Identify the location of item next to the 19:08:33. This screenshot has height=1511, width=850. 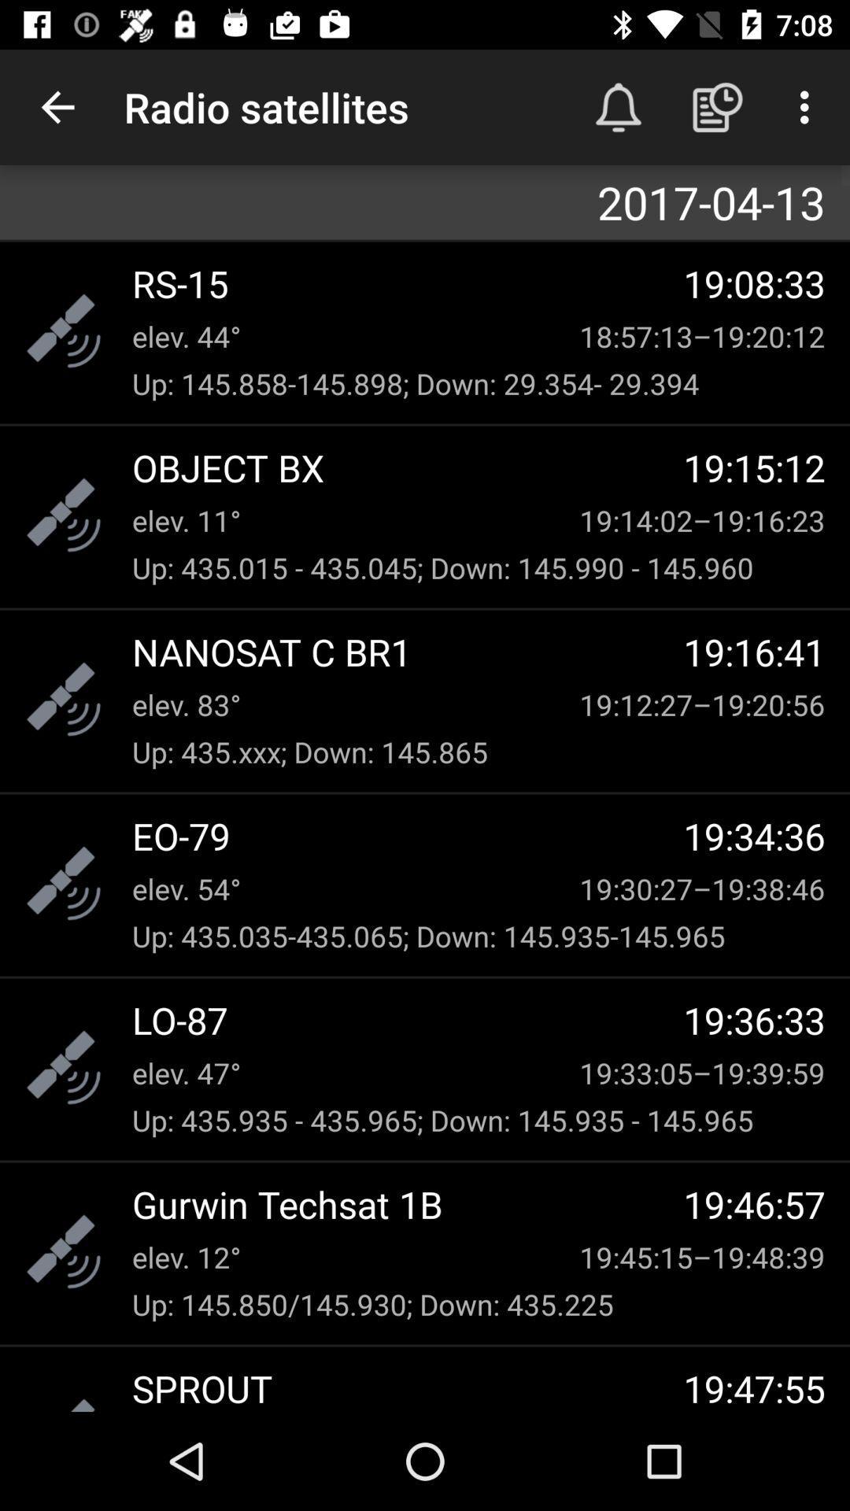
(407, 283).